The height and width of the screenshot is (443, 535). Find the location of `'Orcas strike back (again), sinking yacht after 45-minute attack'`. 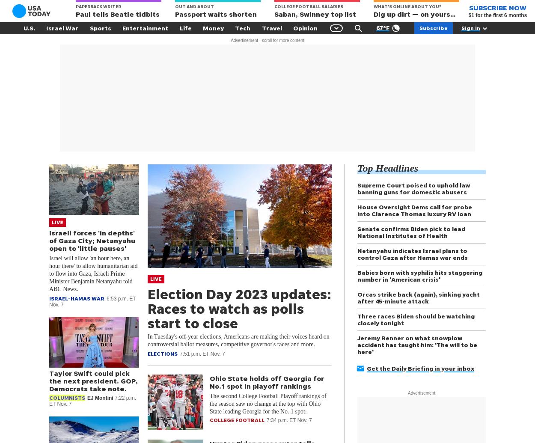

'Orcas strike back (again), sinking yacht after 45-minute attack' is located at coordinates (418, 297).